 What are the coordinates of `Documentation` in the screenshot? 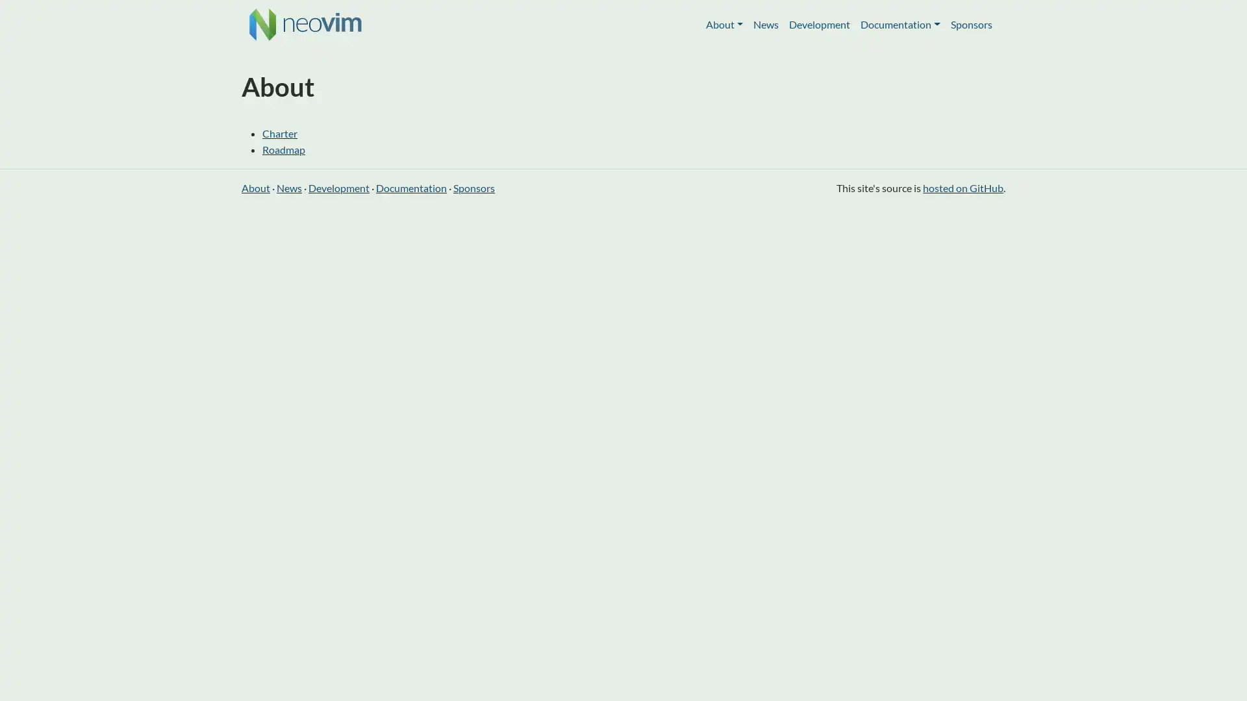 It's located at (900, 24).